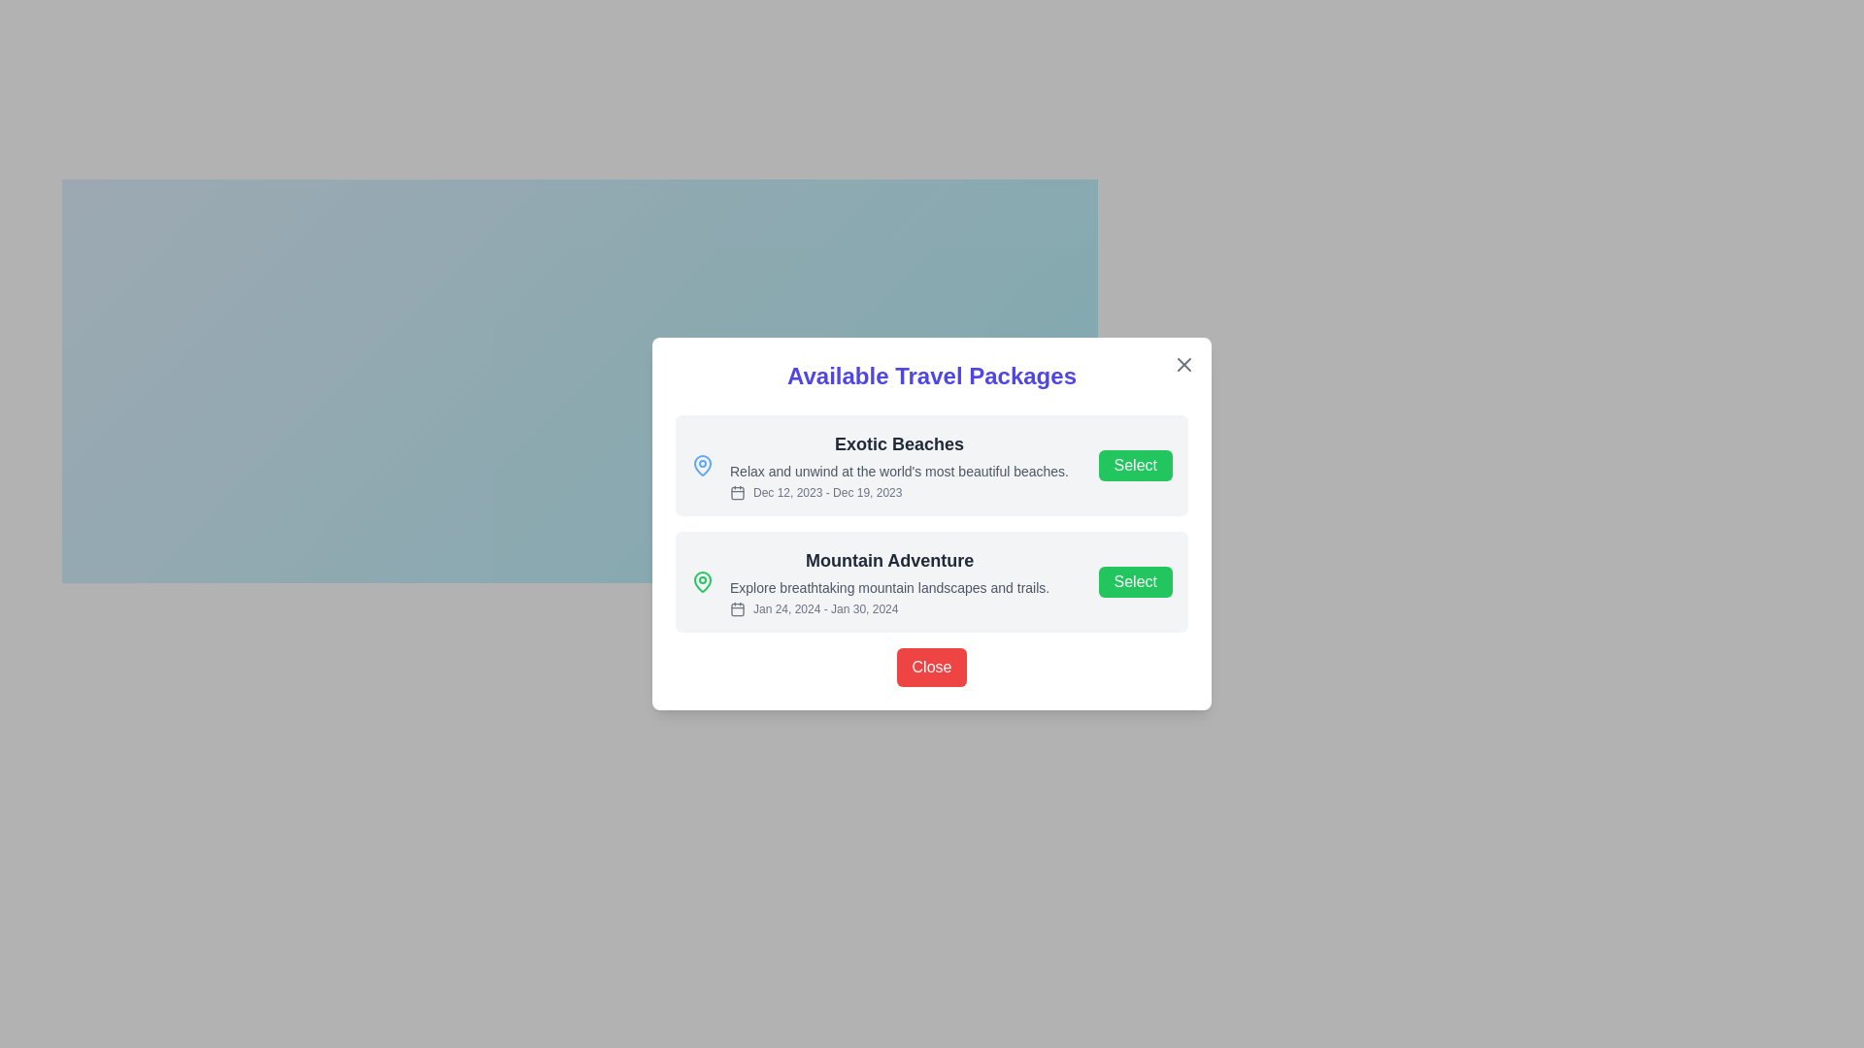 The height and width of the screenshot is (1048, 1864). What do you see at coordinates (1135, 465) in the screenshot?
I see `the 'Select' button` at bounding box center [1135, 465].